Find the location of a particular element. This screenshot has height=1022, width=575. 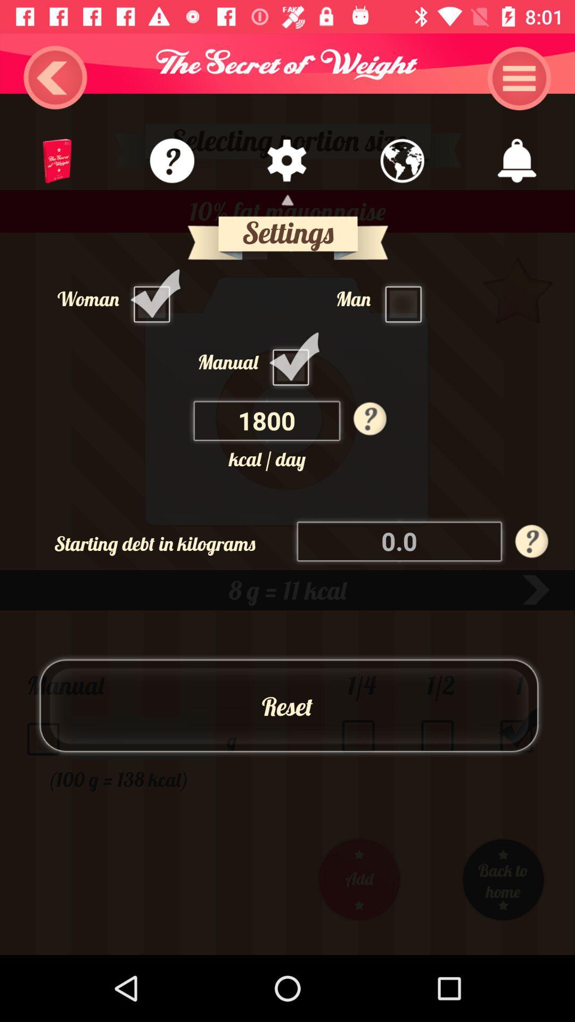

tick on button is located at coordinates (293, 361).